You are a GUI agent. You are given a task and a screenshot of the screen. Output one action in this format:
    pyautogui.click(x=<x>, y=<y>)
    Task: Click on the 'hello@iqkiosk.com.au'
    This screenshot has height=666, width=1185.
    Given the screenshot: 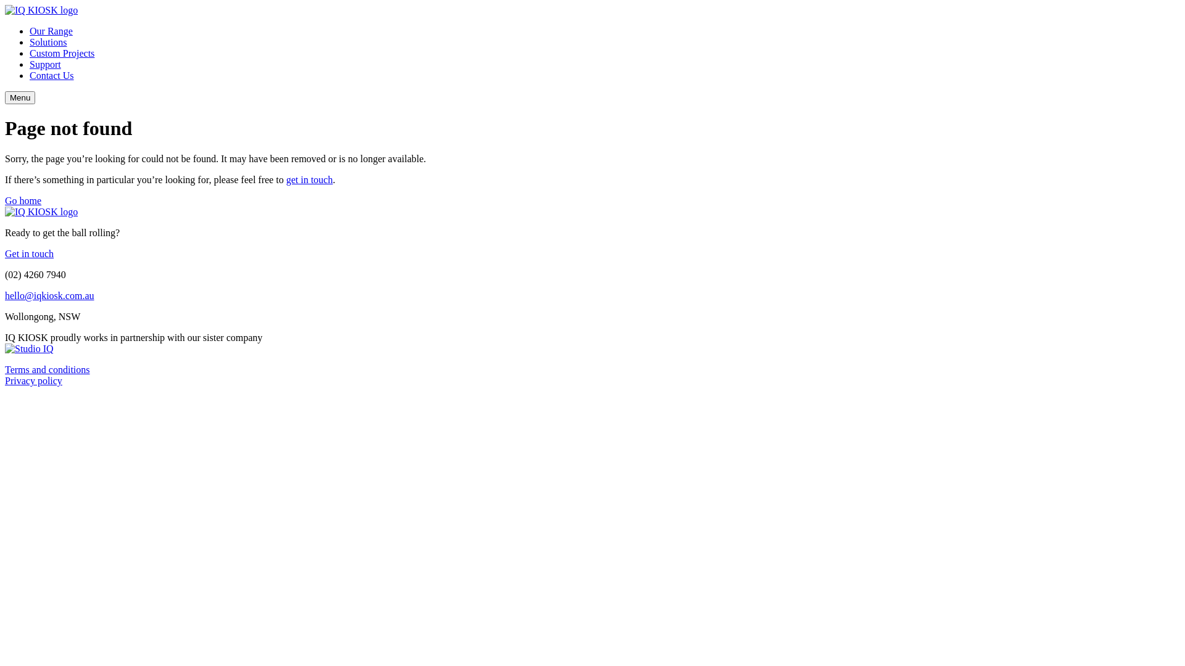 What is the action you would take?
    pyautogui.click(x=49, y=295)
    